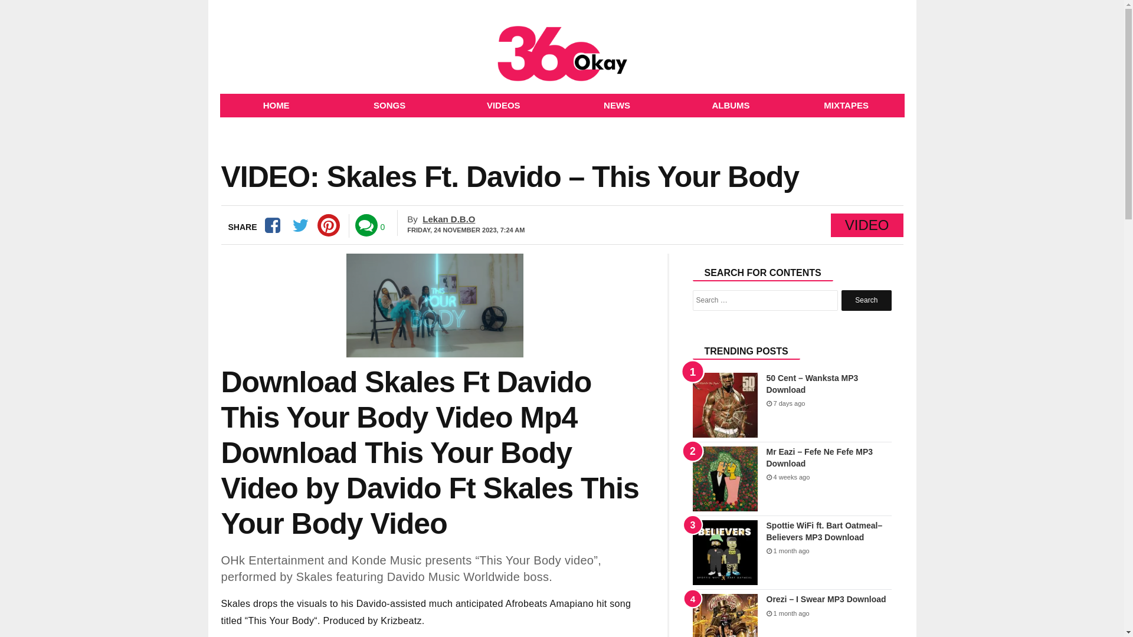  Describe the element at coordinates (560, 104) in the screenshot. I see `'NEWS'` at that location.